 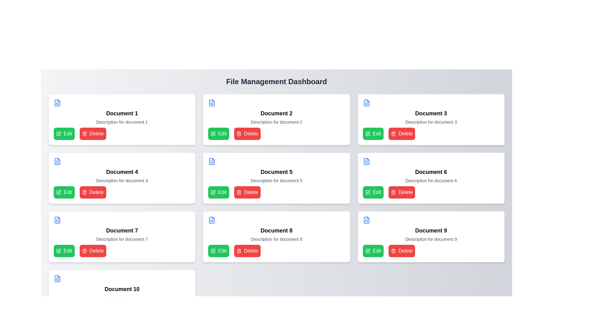 I want to click on text displayed in the non-interactive description element located directly below the 'Document 3' title in the top-right section of the grid interface, so click(x=431, y=122).